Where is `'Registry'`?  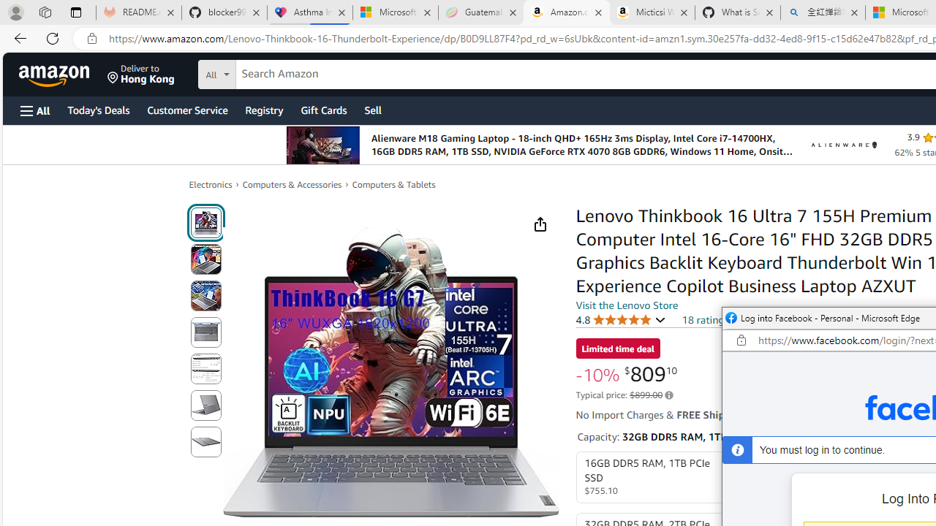 'Registry' is located at coordinates (263, 109).